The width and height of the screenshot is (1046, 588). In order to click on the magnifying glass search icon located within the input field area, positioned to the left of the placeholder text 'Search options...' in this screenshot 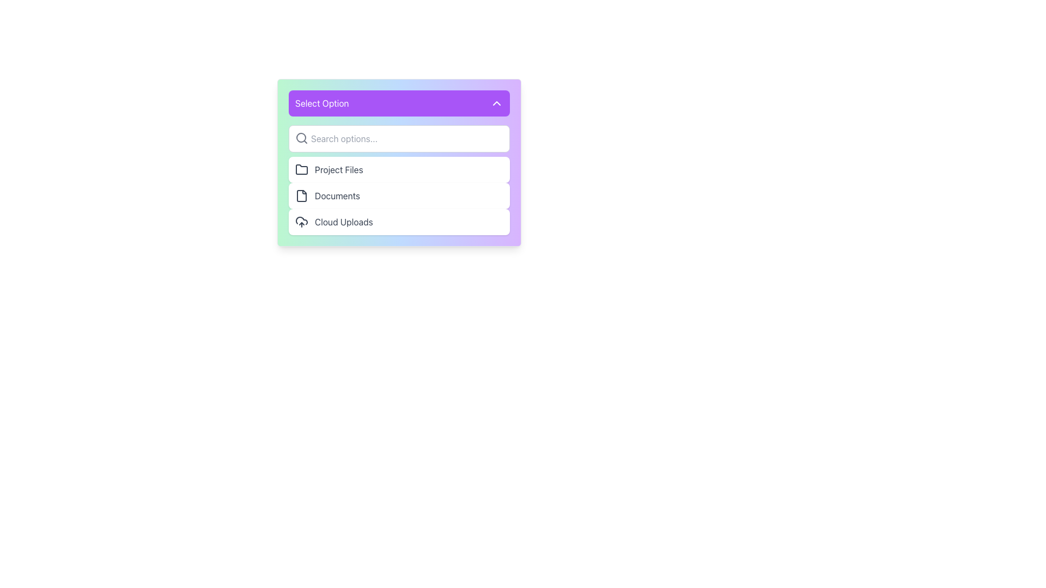, I will do `click(301, 138)`.